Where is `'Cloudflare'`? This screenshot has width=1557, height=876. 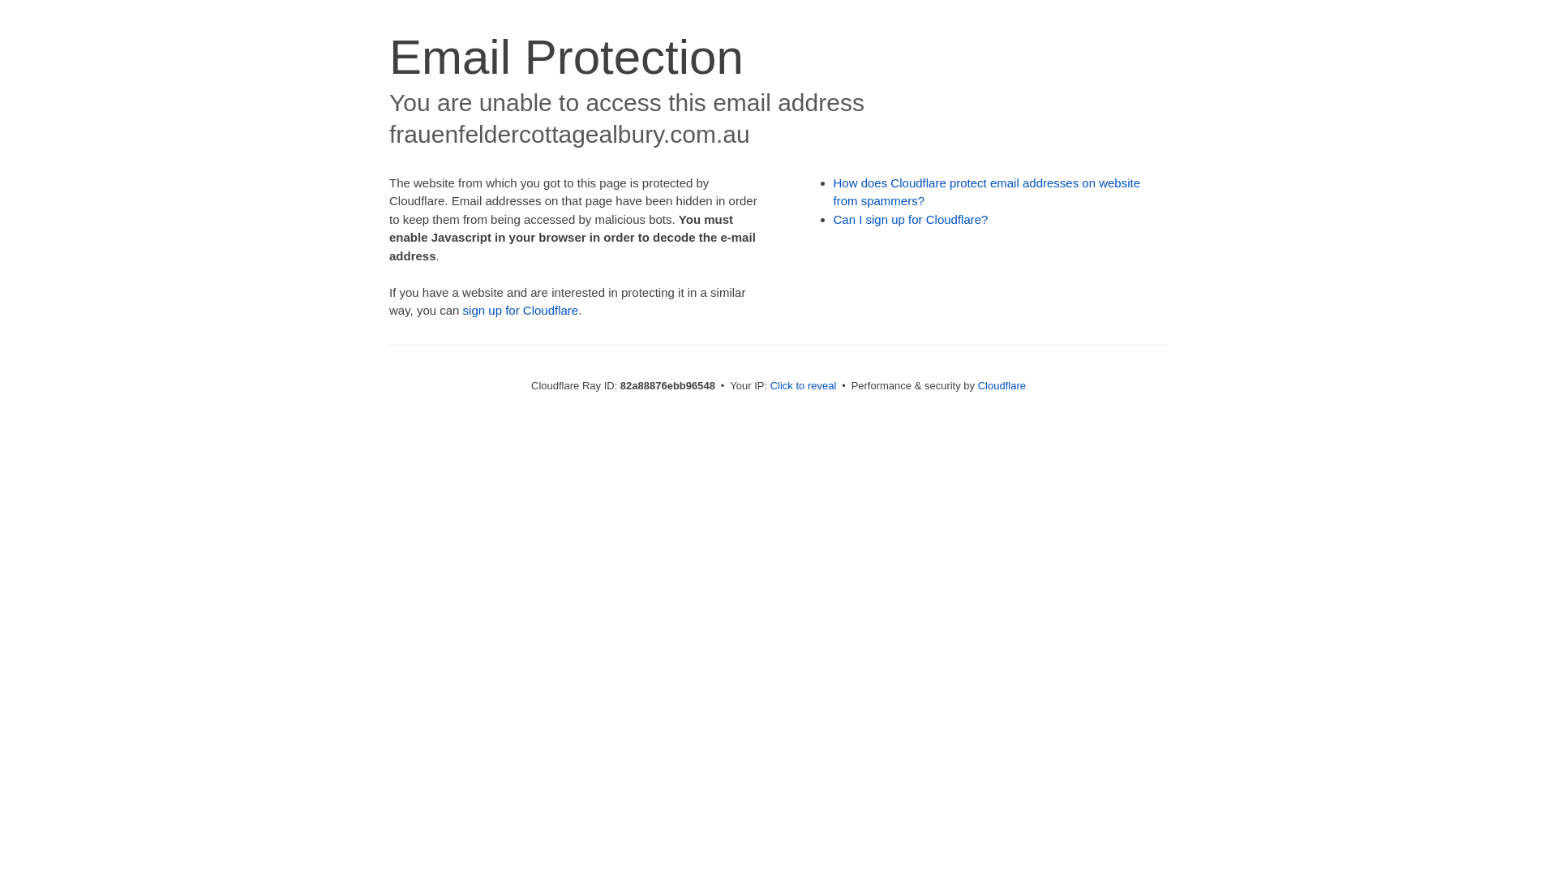 'Cloudflare' is located at coordinates (1001, 385).